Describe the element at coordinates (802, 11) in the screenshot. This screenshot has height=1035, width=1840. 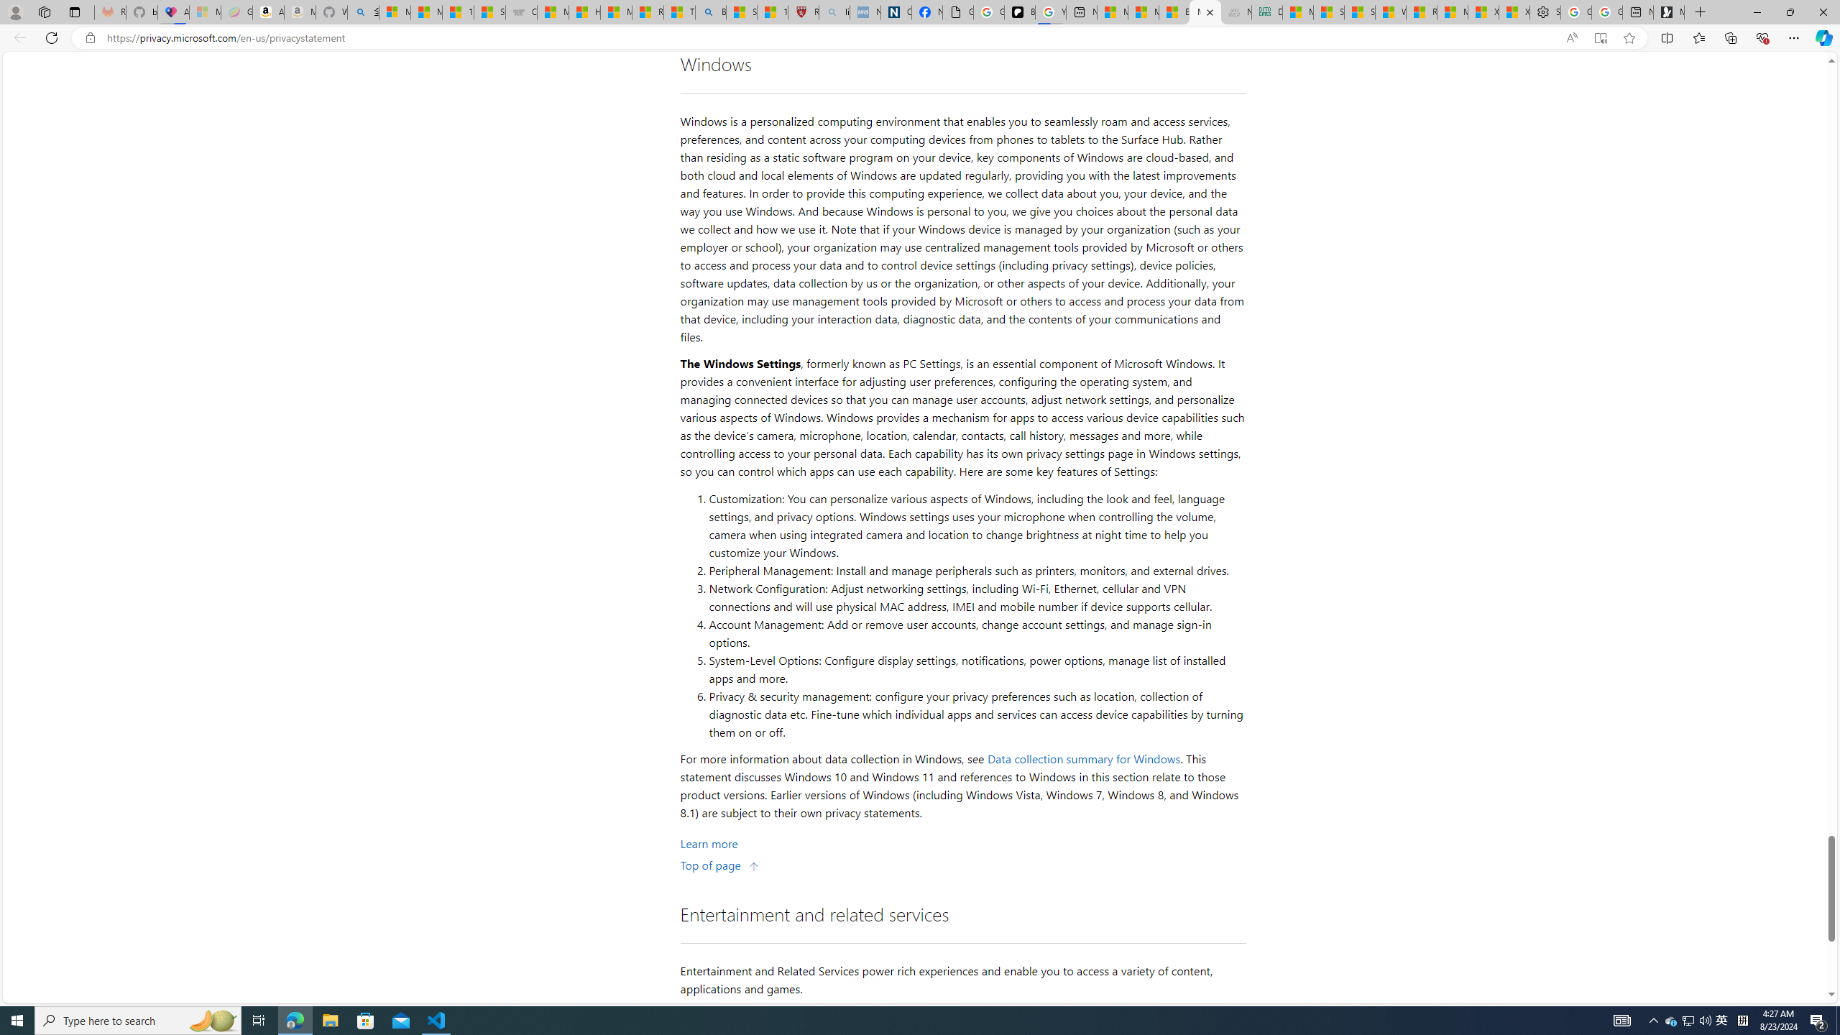
I see `'Robert H. Shmerling, MD - Harvard Health'` at that location.